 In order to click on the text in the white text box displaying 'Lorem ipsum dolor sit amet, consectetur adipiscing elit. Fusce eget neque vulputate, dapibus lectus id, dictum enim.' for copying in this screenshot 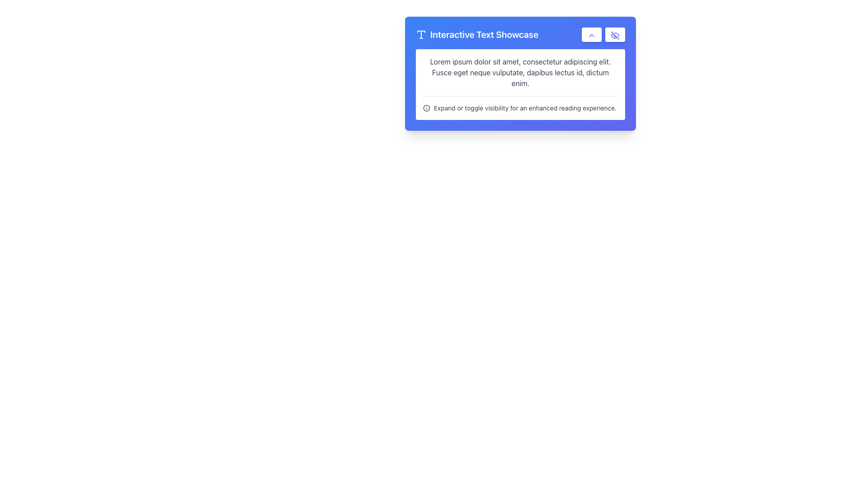, I will do `click(520, 84)`.